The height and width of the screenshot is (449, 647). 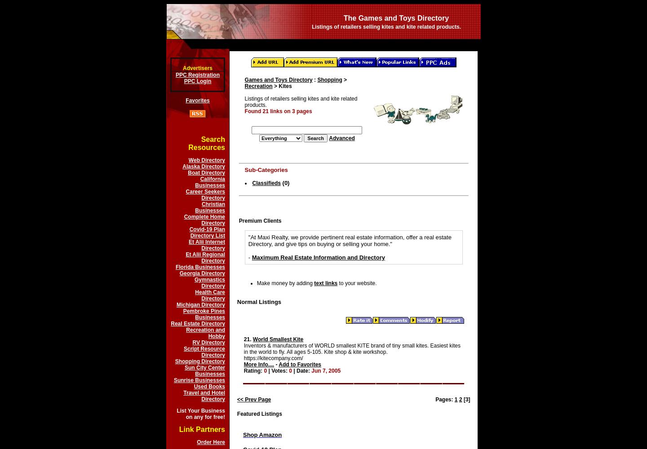 I want to click on 'Et Alii Internet Directory', so click(x=207, y=245).